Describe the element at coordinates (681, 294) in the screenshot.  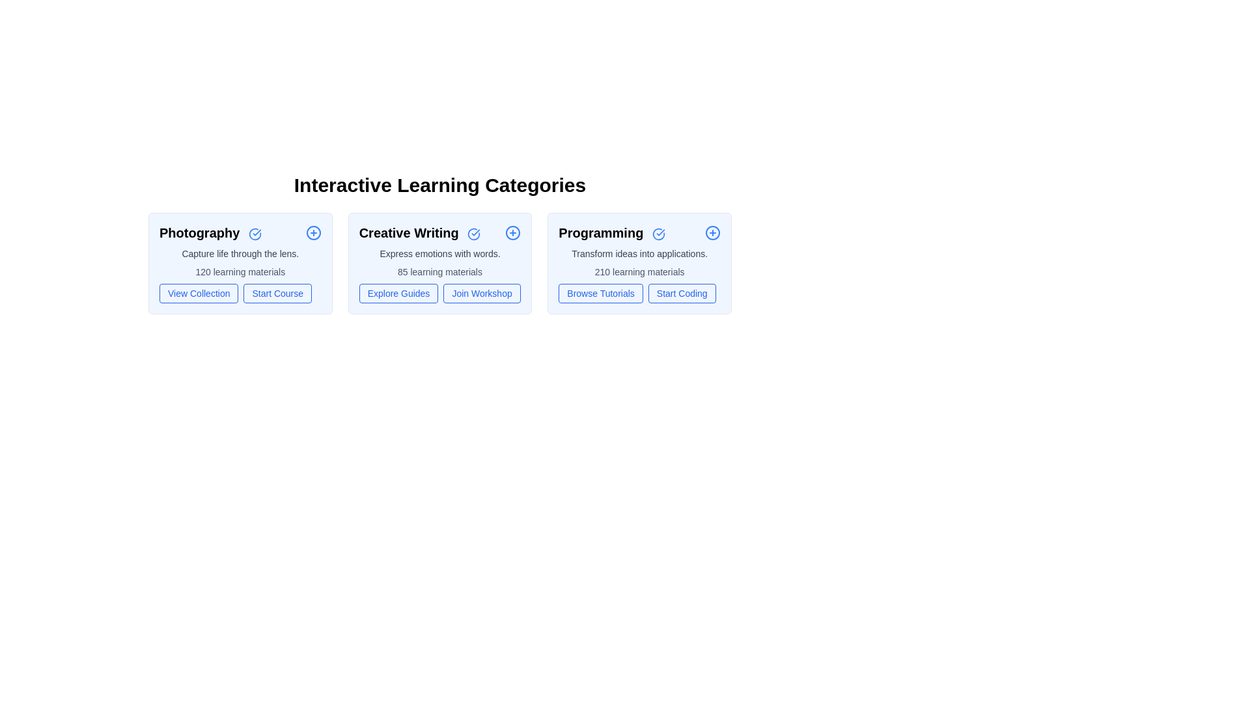
I see `the action button Start Coding for the category Programming` at that location.